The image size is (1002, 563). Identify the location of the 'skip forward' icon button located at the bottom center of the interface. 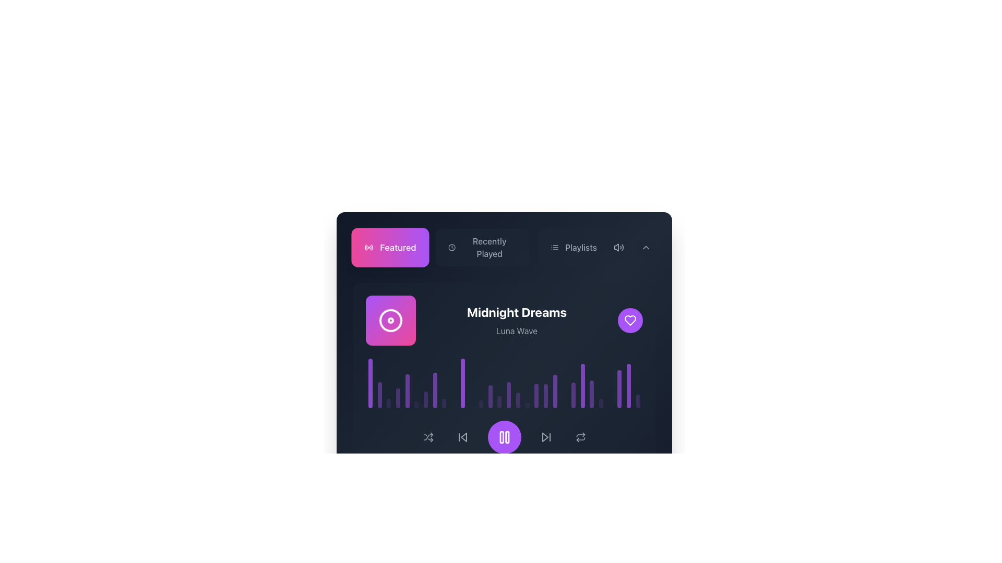
(545, 437).